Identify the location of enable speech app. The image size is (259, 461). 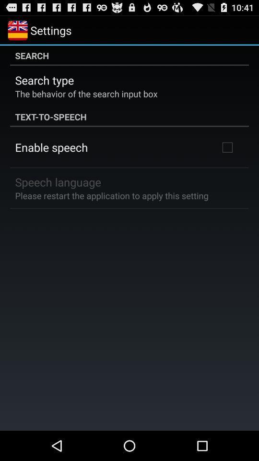
(51, 147).